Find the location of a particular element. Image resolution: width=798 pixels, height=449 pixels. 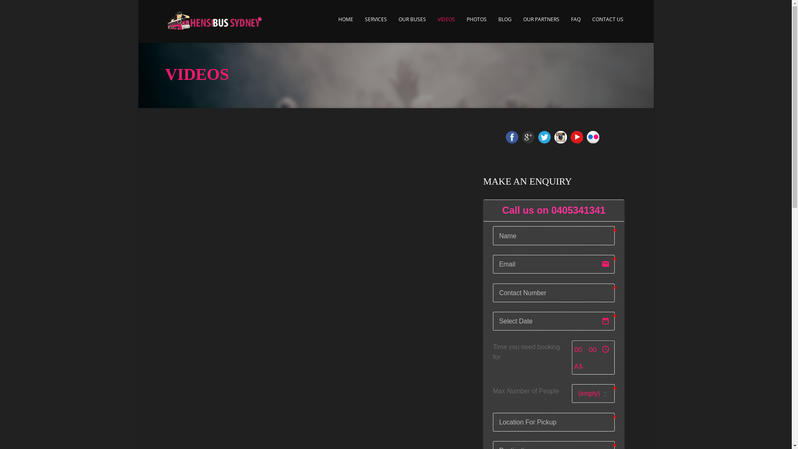

'PHOTOS' is located at coordinates (477, 23).